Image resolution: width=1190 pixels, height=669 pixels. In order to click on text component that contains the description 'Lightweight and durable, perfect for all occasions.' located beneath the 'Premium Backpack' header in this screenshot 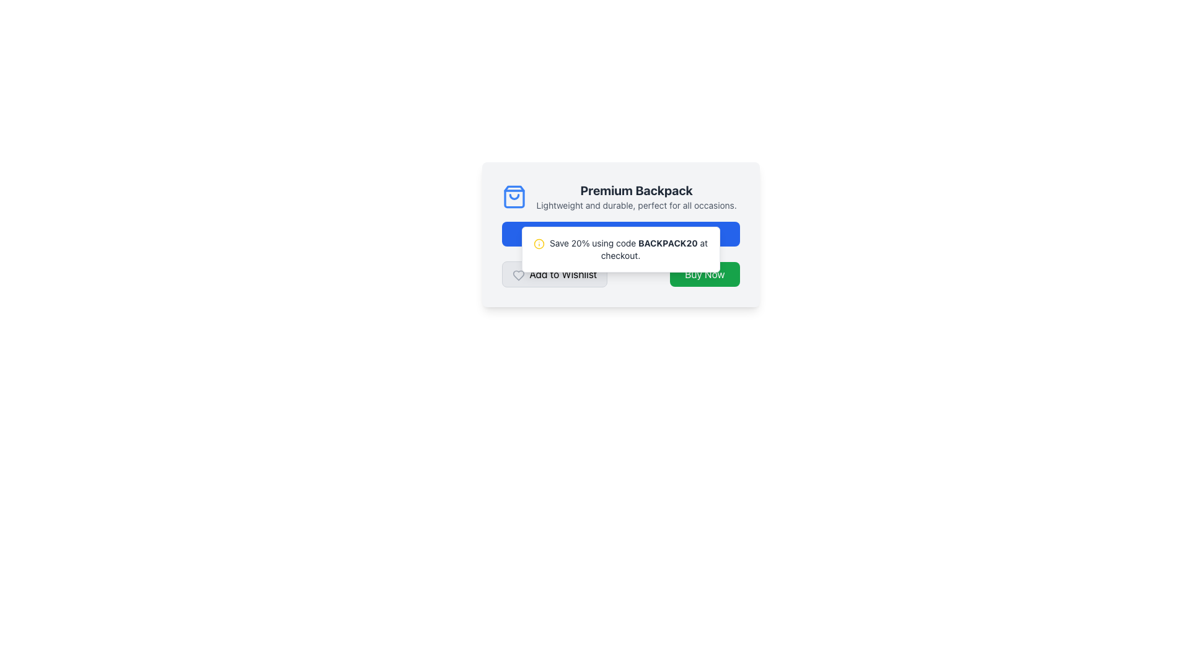, I will do `click(637, 204)`.